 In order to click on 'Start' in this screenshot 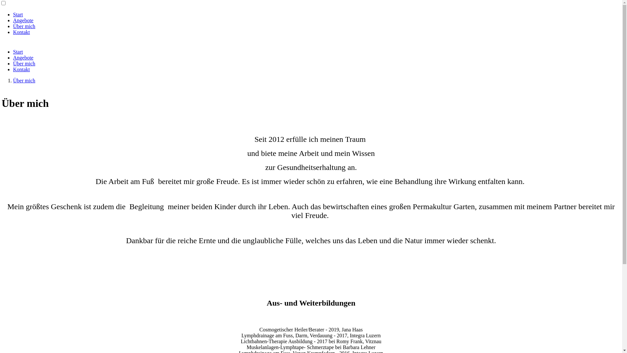, I will do `click(18, 51)`.